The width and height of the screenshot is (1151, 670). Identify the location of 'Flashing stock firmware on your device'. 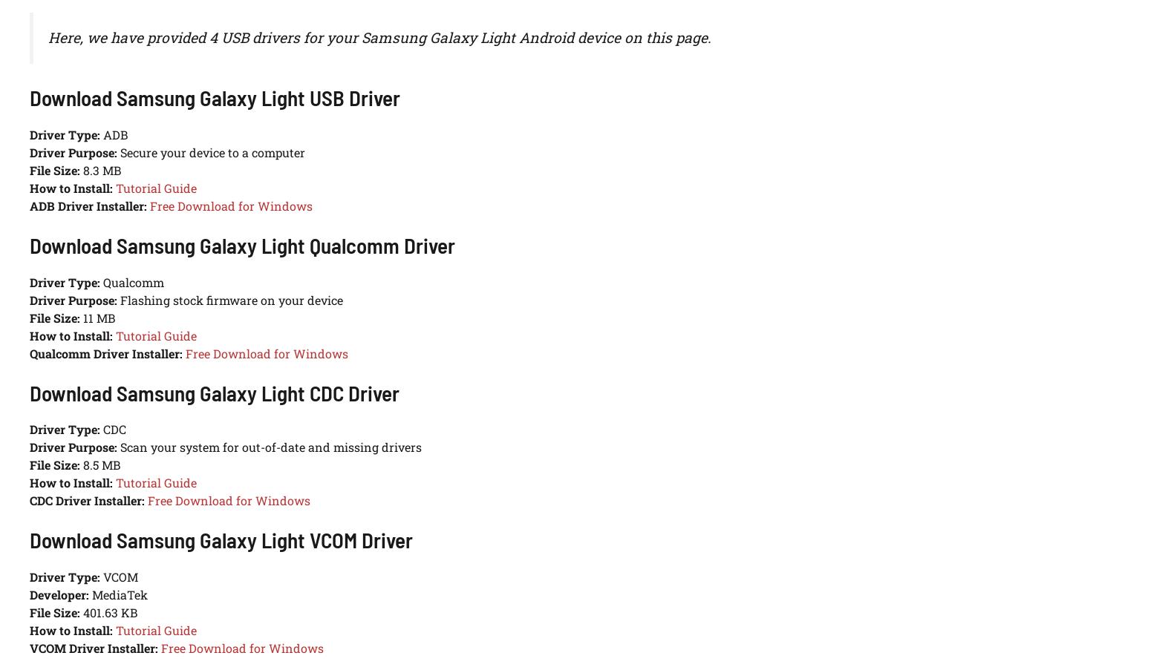
(230, 298).